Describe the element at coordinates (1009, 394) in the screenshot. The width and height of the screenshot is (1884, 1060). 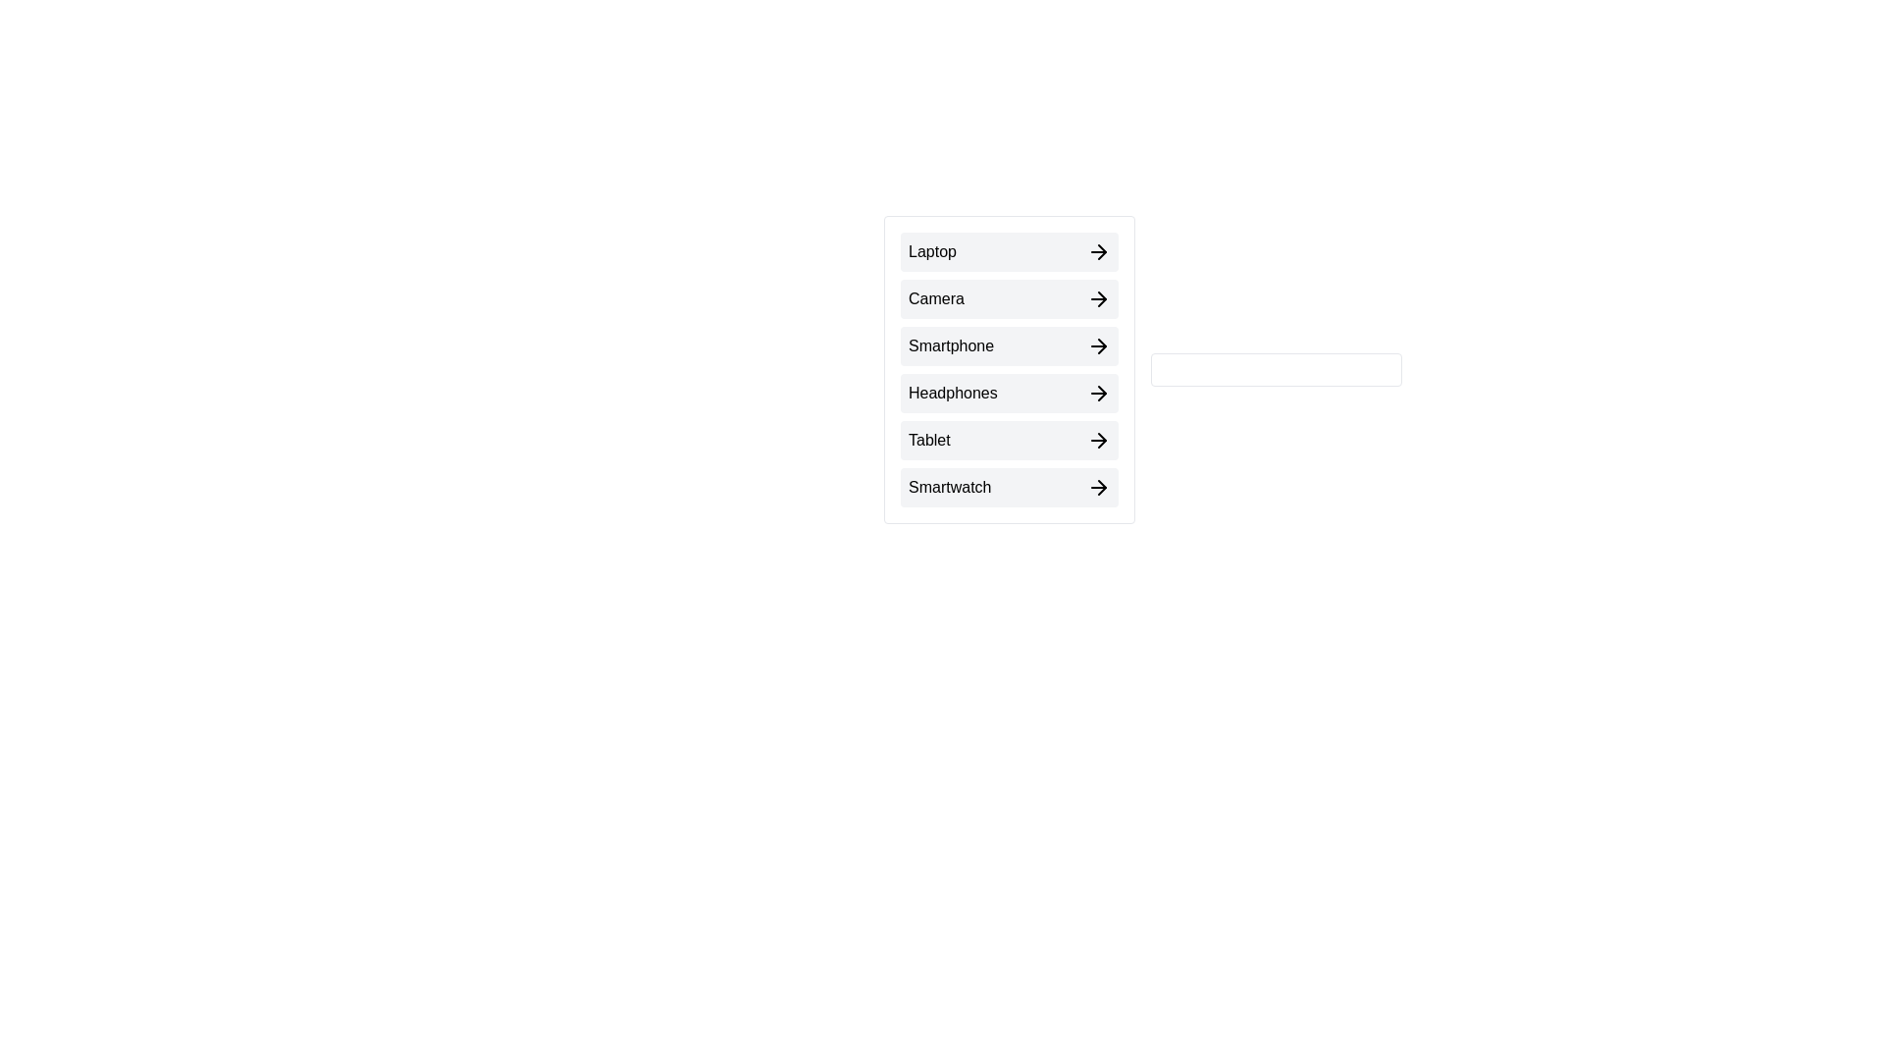
I see `the item Headphones to highlight it` at that location.